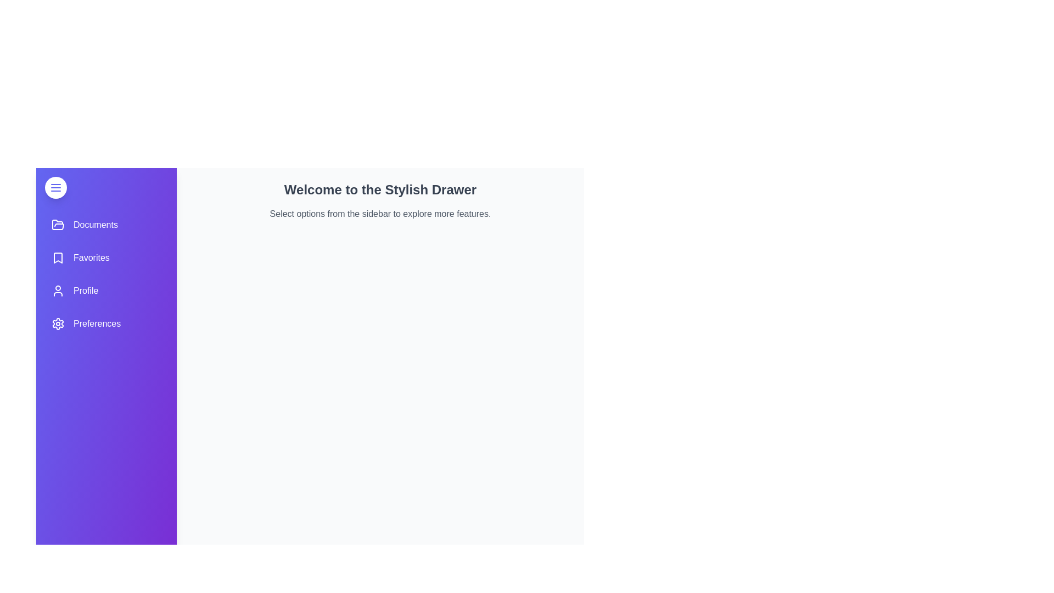 This screenshot has height=593, width=1054. What do you see at coordinates (106, 290) in the screenshot?
I see `the menu item Profile to observe its hover effect` at bounding box center [106, 290].